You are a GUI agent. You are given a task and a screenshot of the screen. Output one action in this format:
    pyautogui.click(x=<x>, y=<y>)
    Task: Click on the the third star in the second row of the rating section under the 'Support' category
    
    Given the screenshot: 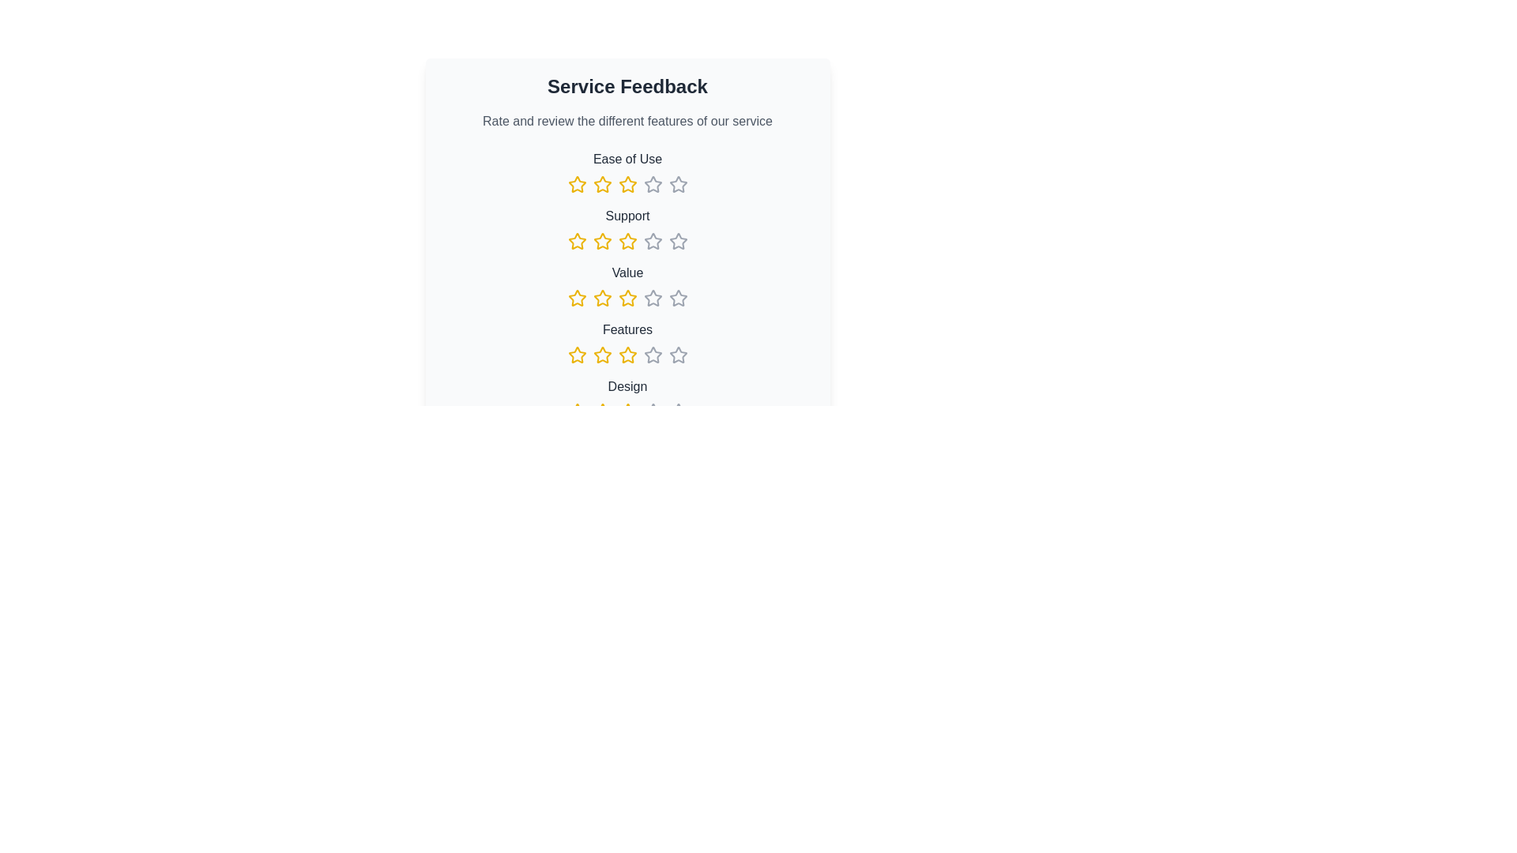 What is the action you would take?
    pyautogui.click(x=653, y=241)
    